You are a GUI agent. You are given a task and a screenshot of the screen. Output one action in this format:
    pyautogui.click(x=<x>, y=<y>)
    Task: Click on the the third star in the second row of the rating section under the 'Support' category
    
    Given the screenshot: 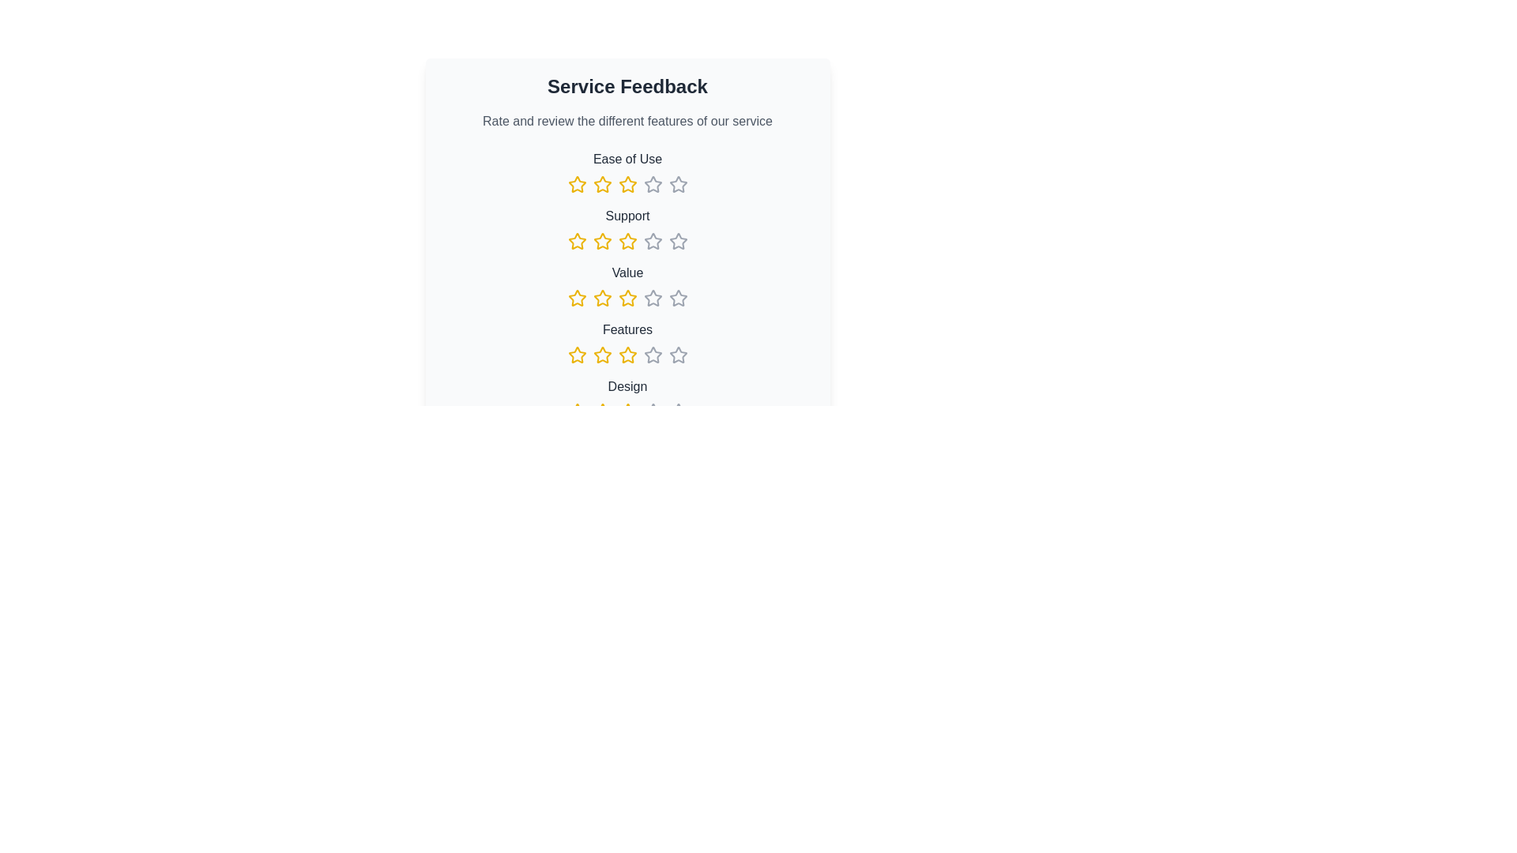 What is the action you would take?
    pyautogui.click(x=653, y=241)
    